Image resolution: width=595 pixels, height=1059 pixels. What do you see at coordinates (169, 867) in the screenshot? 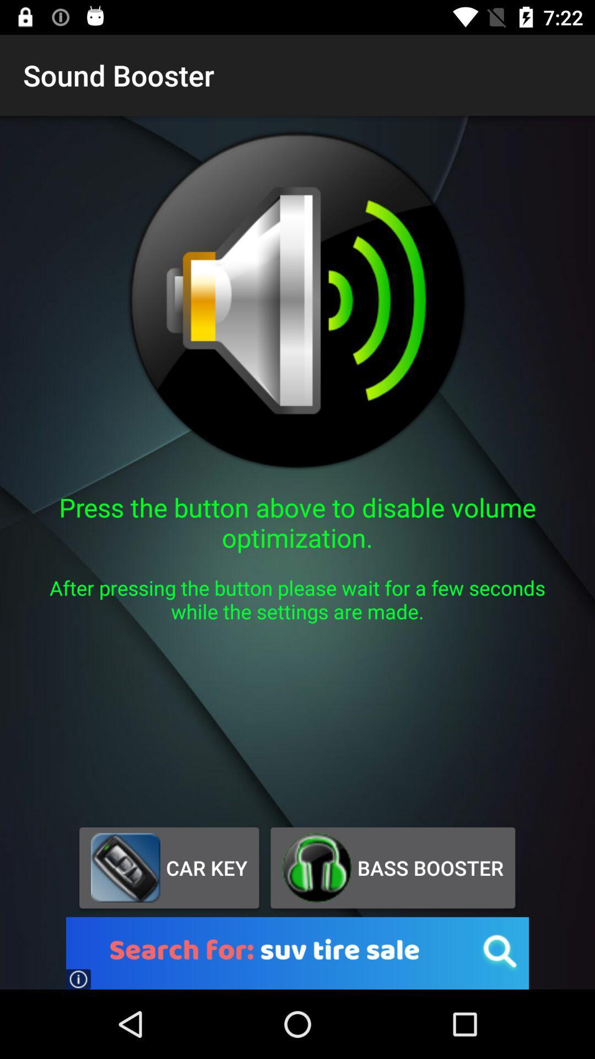
I see `the icon next to bass booster button` at bounding box center [169, 867].